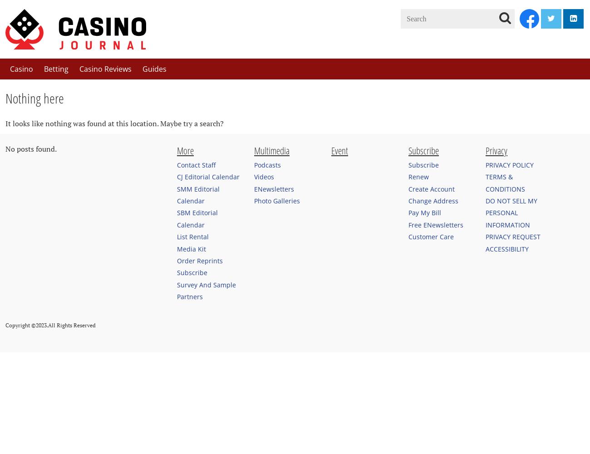 This screenshot has height=454, width=590. What do you see at coordinates (5, 98) in the screenshot?
I see `'Nothing here'` at bounding box center [5, 98].